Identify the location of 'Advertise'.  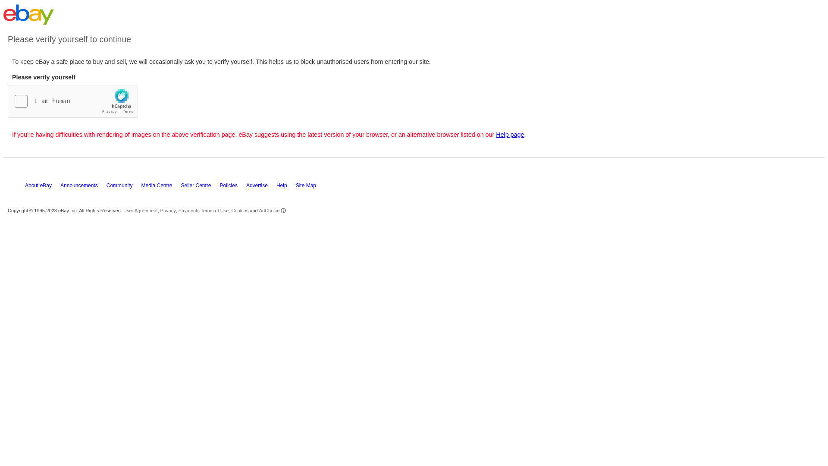
(260, 187).